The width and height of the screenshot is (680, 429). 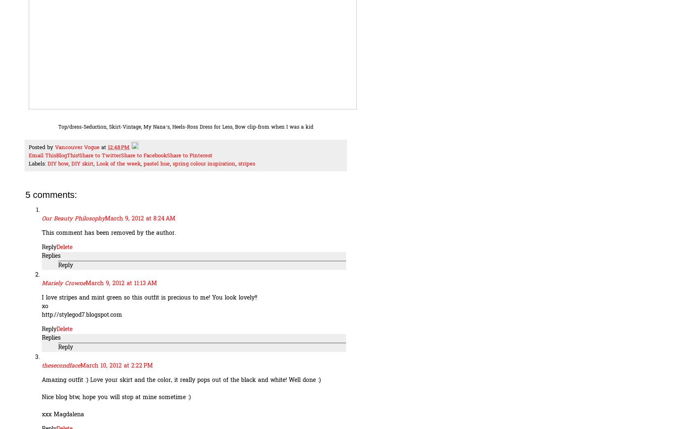 I want to click on 'thesecondface', so click(x=61, y=365).